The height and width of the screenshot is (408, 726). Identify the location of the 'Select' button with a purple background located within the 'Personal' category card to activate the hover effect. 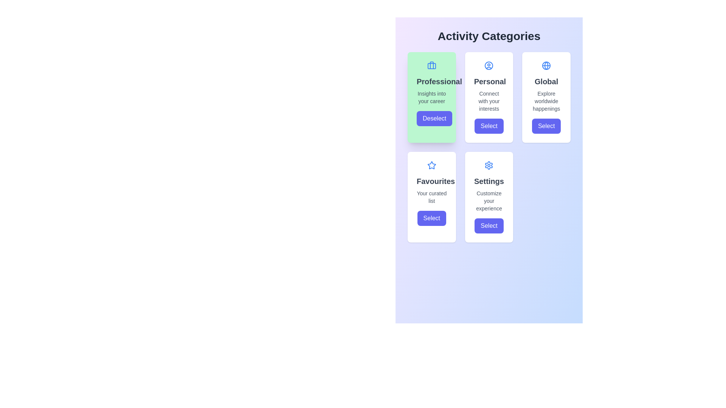
(489, 126).